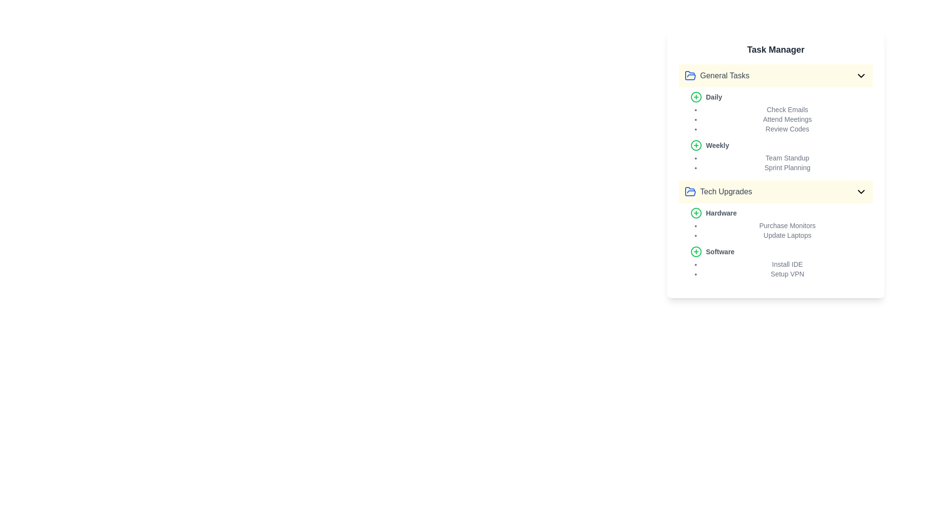 The image size is (929, 522). What do you see at coordinates (718, 145) in the screenshot?
I see `the 'Weekly' label within the 'General Tasks' section` at bounding box center [718, 145].